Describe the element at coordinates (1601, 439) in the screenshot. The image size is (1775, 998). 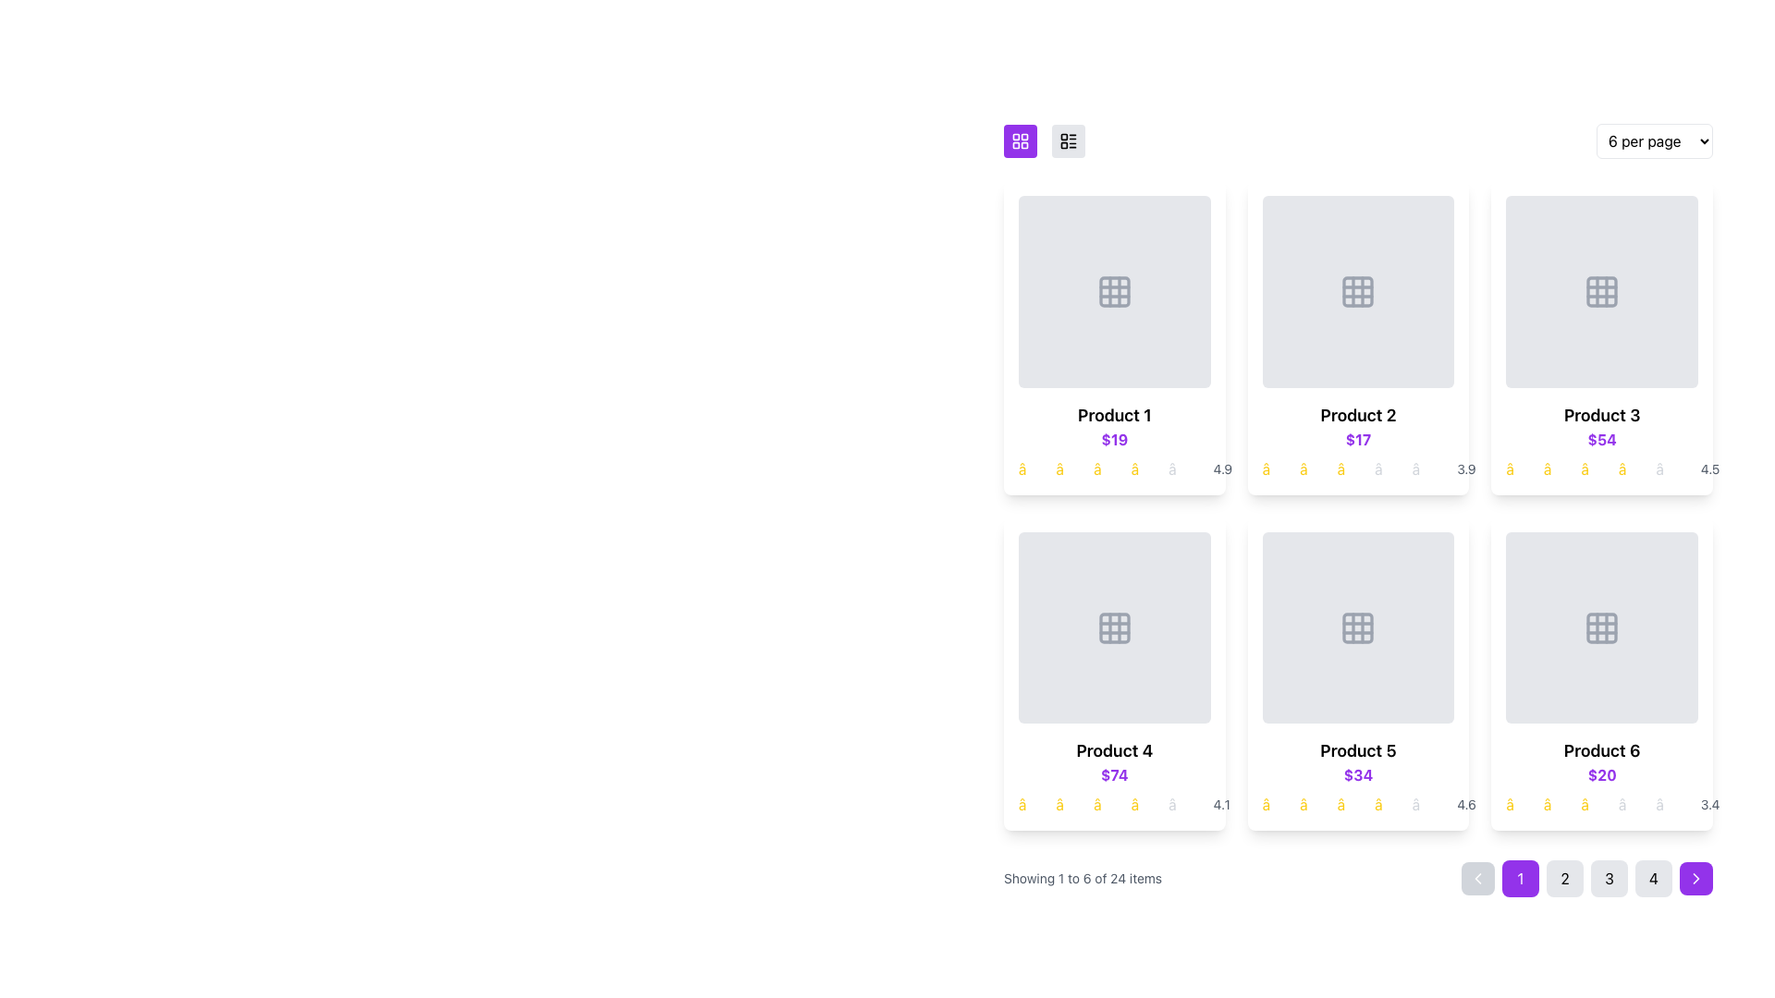
I see `the numerical price value, '$54', styled in bold and purple text, located beneath 'Product 3' in the Product 3 card` at that location.